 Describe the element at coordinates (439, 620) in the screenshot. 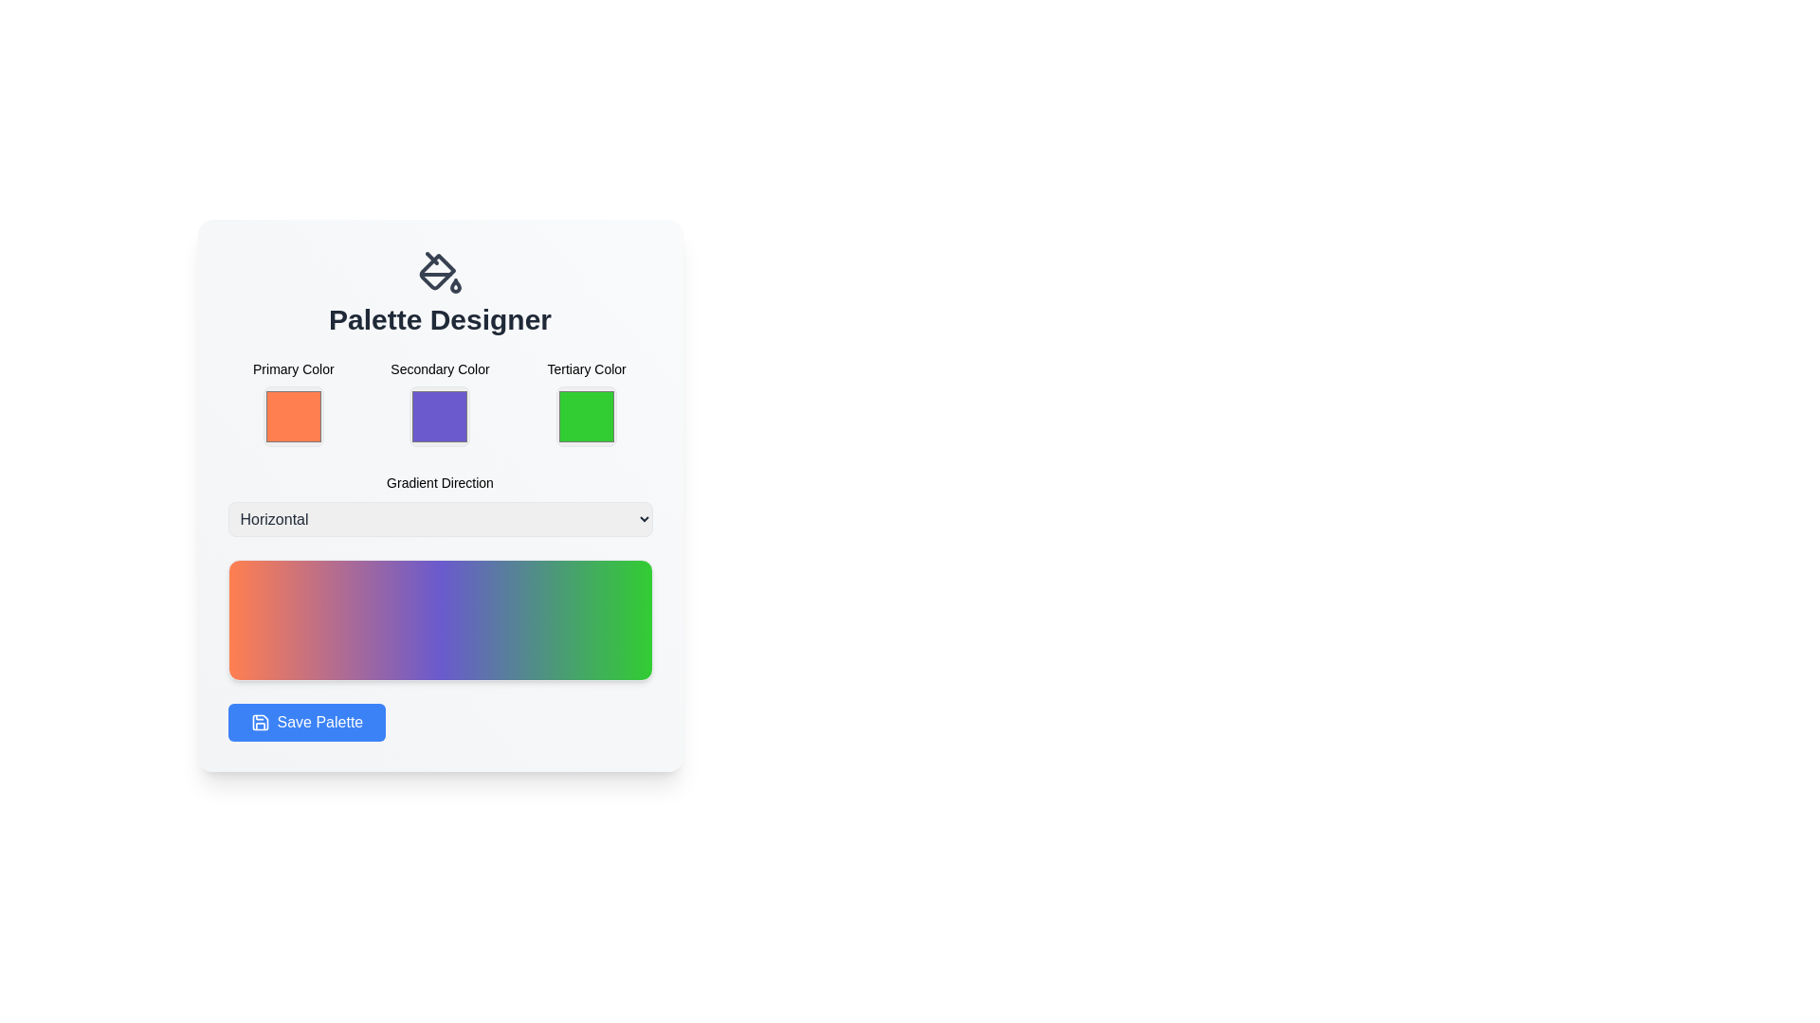

I see `the gradient preview element with a smooth gradient background transitioning from coral to blue to green, located at the bottom of the 'Palette Designer' card, above the 'Save Palette' button` at that location.